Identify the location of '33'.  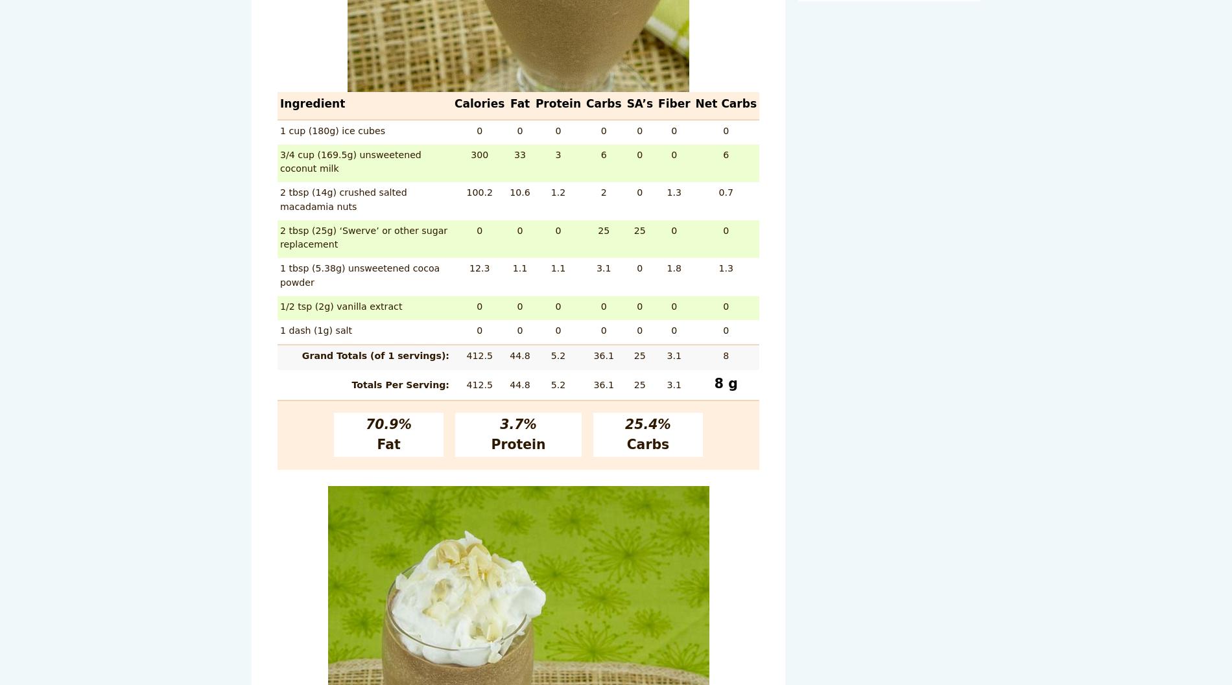
(519, 154).